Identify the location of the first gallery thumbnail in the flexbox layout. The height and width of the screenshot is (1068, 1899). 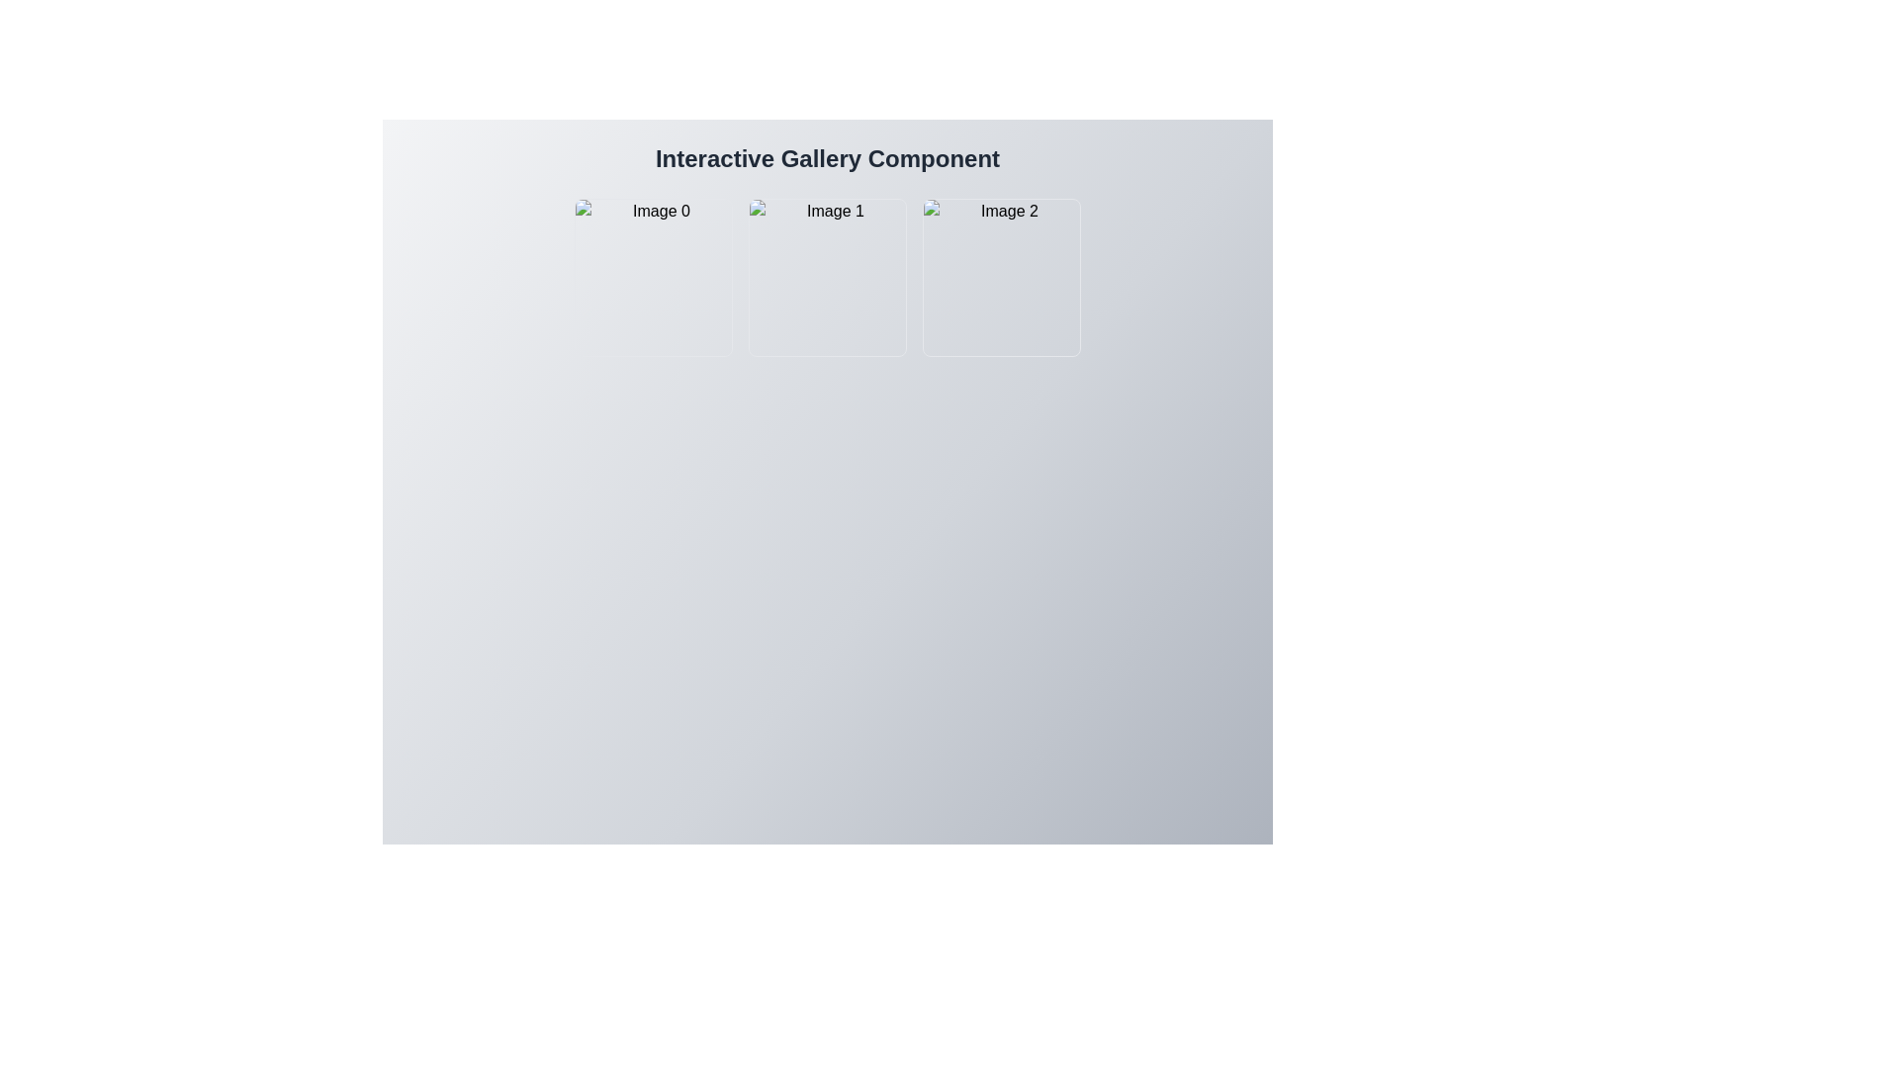
(654, 278).